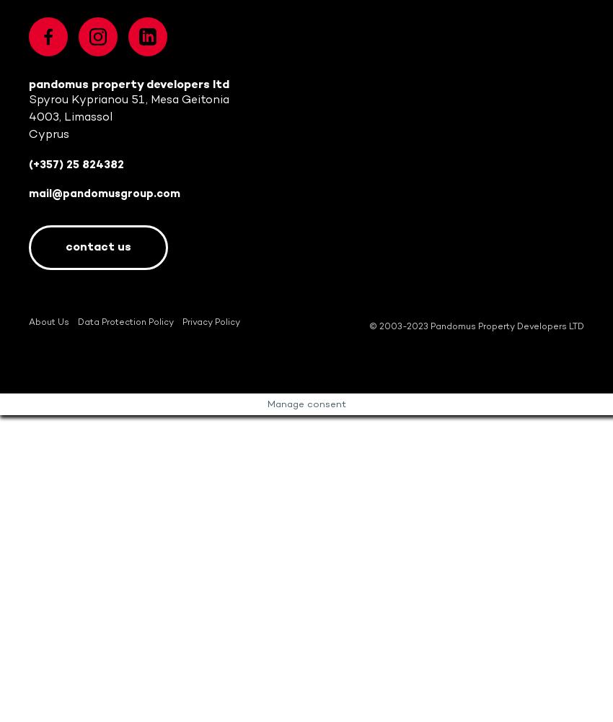 The height and width of the screenshot is (722, 613). I want to click on 'Manage consent', so click(306, 404).